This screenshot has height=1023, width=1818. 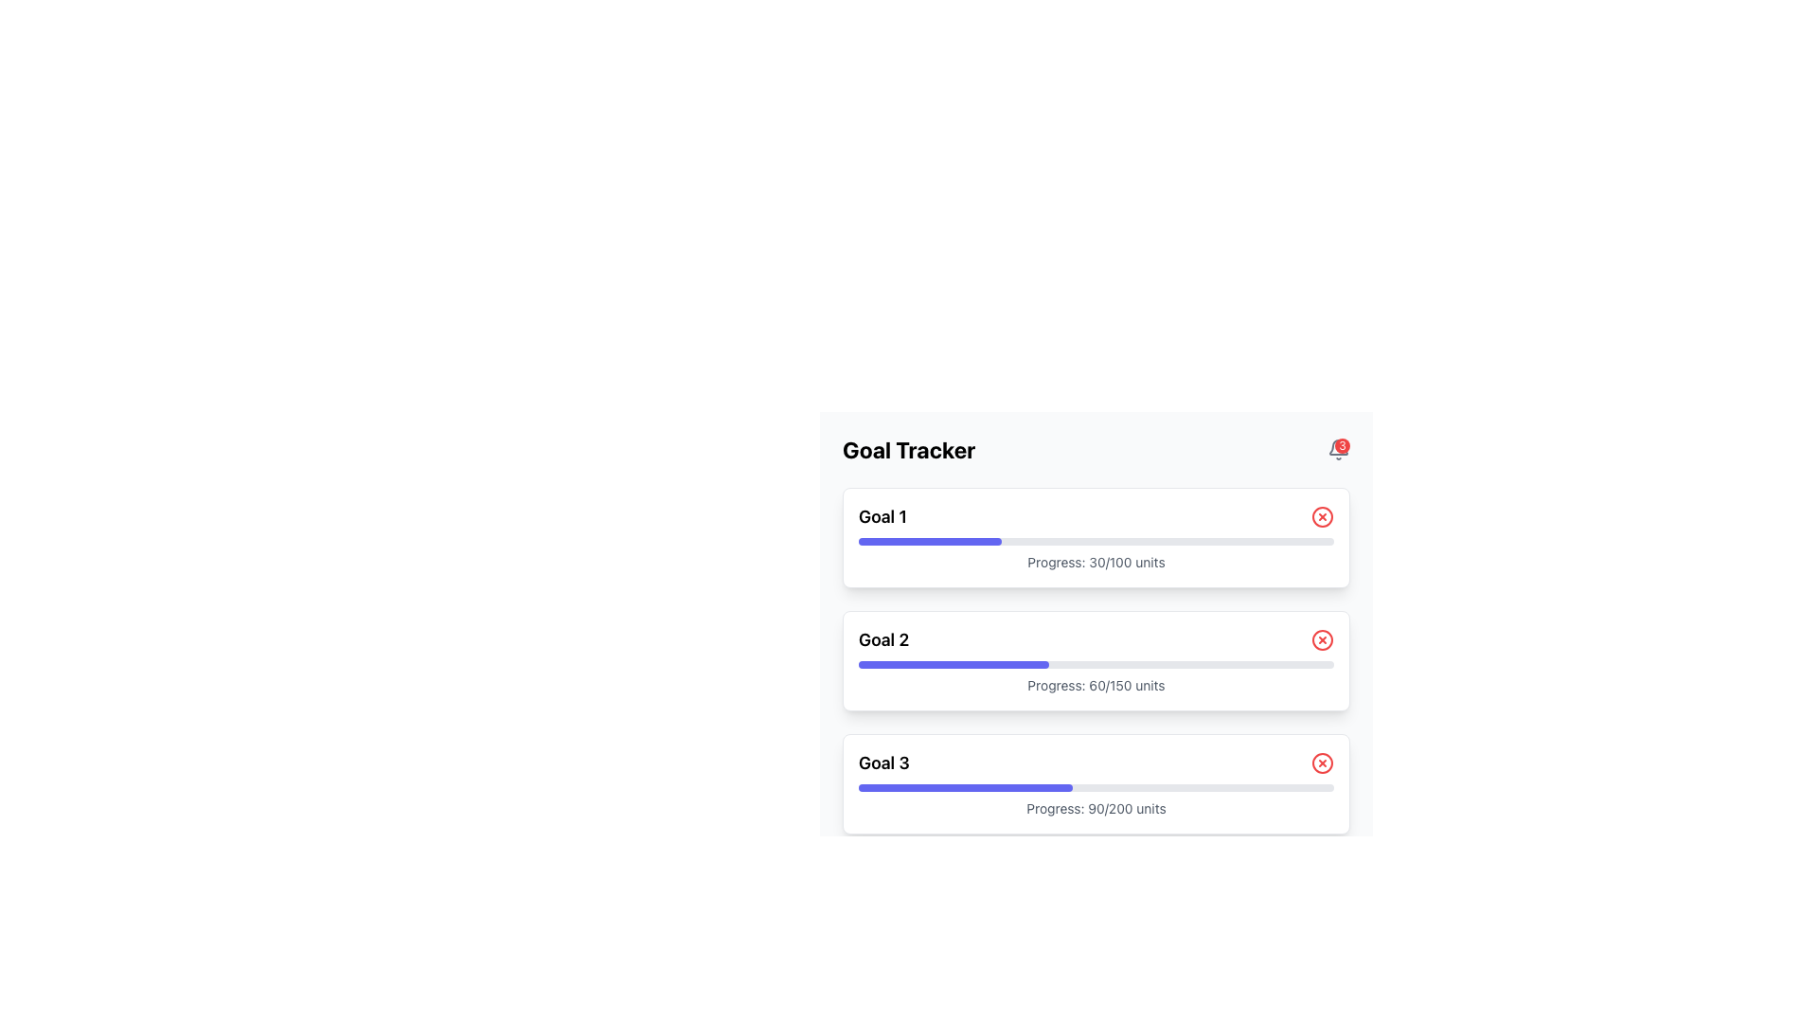 I want to click on the progress level, so click(x=972, y=664).